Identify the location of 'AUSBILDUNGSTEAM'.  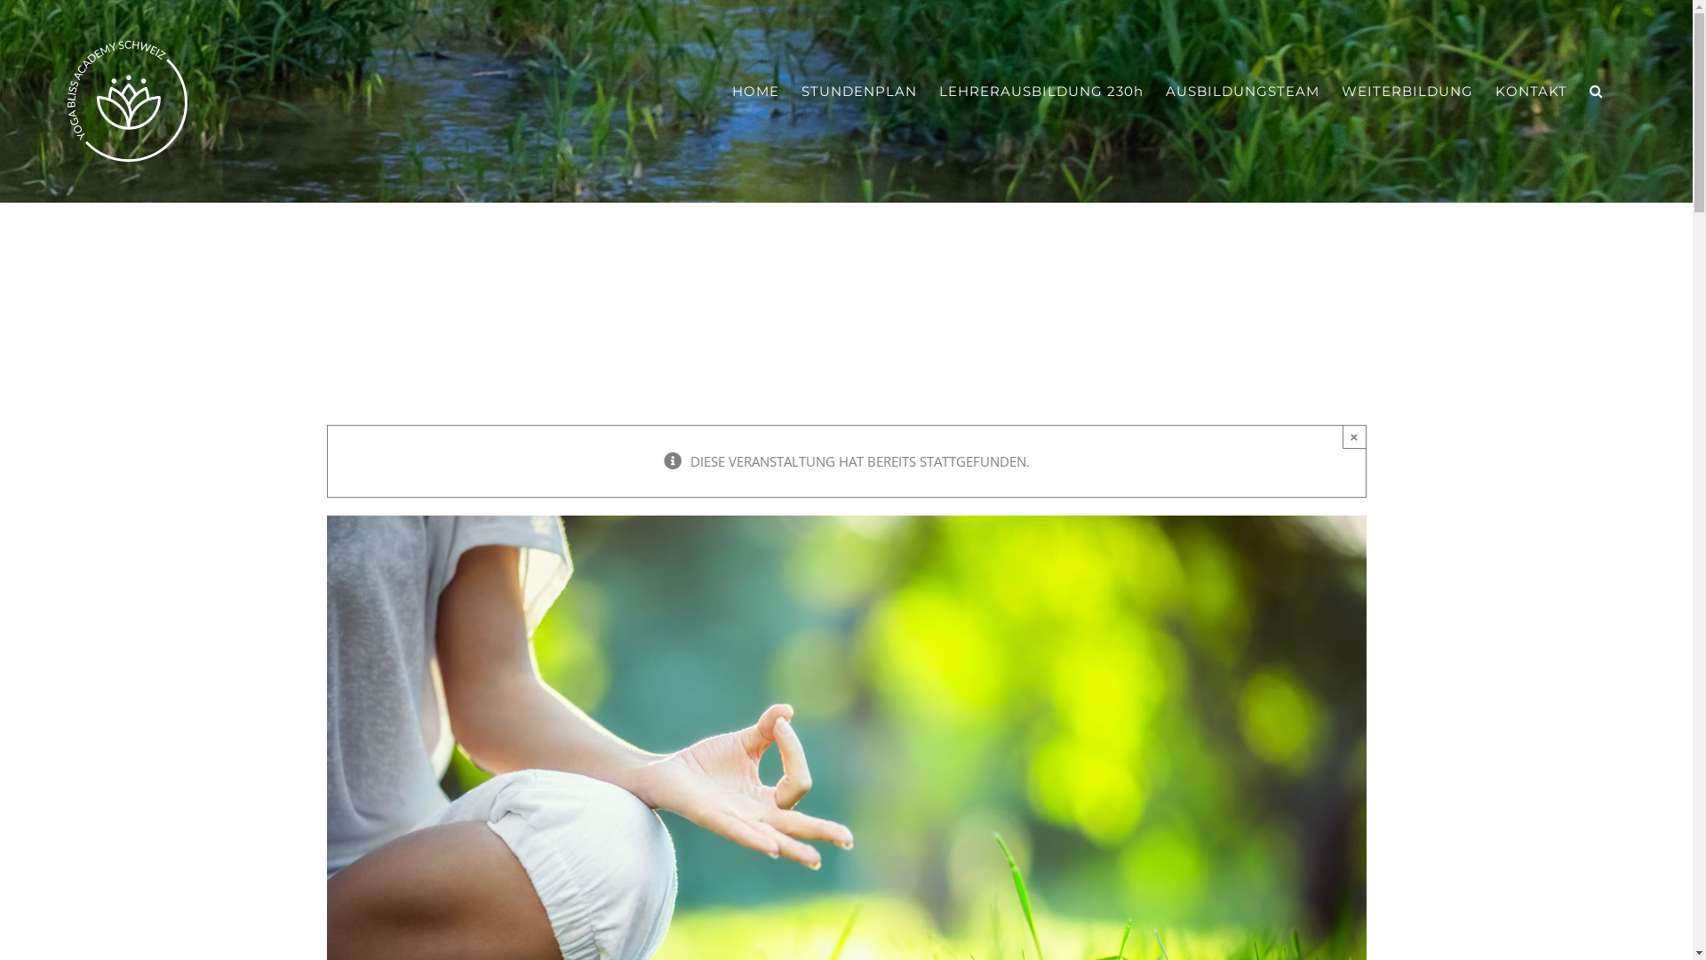
(1241, 91).